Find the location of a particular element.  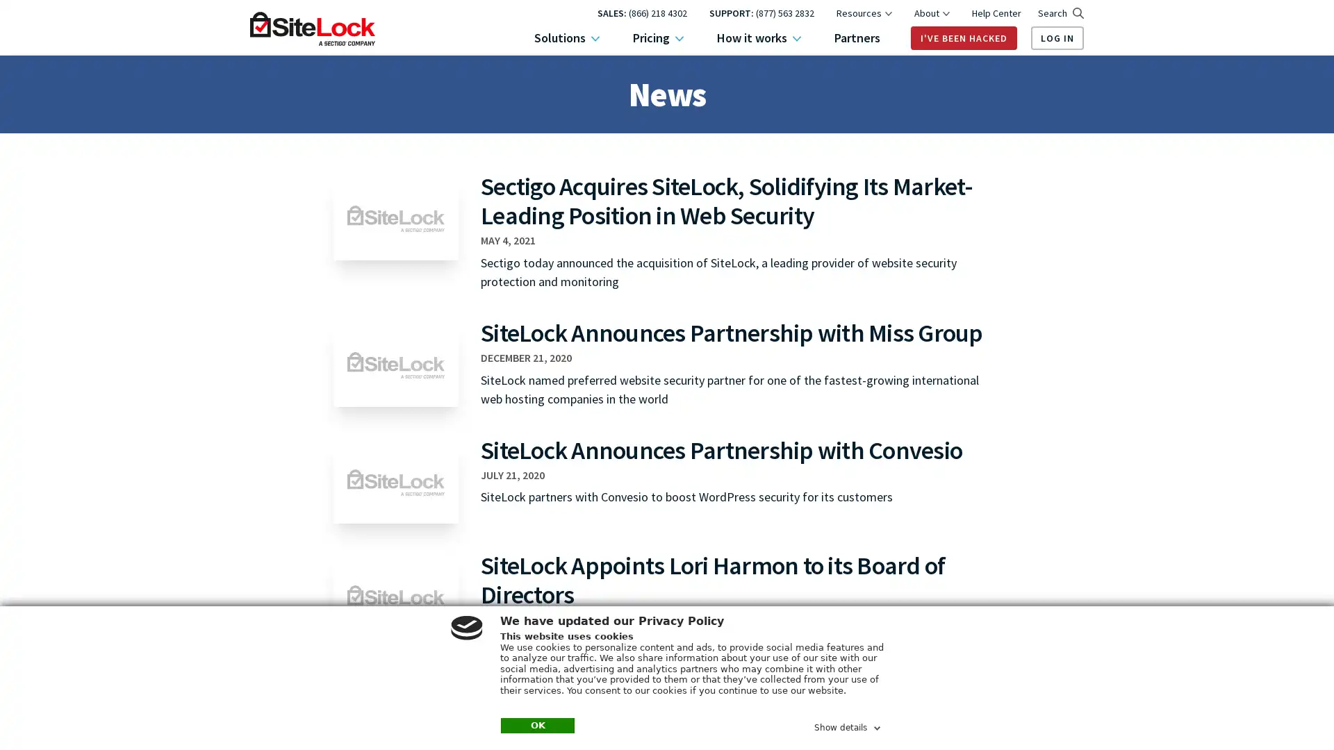

Search is located at coordinates (1060, 13).